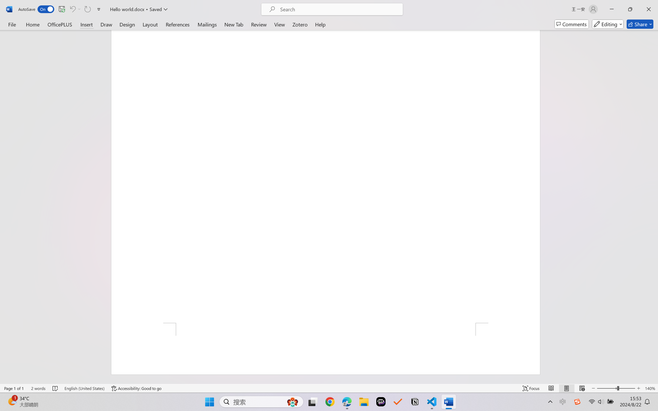 Image resolution: width=658 pixels, height=411 pixels. What do you see at coordinates (293, 402) in the screenshot?
I see `'AutomationID: DynamicSearchBoxGleamImage'` at bounding box center [293, 402].